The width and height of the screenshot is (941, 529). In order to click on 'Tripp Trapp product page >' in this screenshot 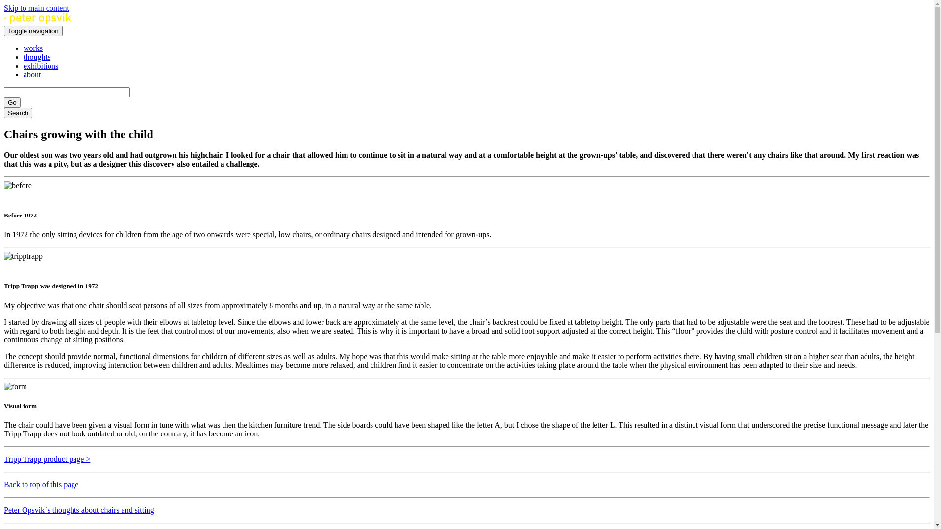, I will do `click(47, 459)`.